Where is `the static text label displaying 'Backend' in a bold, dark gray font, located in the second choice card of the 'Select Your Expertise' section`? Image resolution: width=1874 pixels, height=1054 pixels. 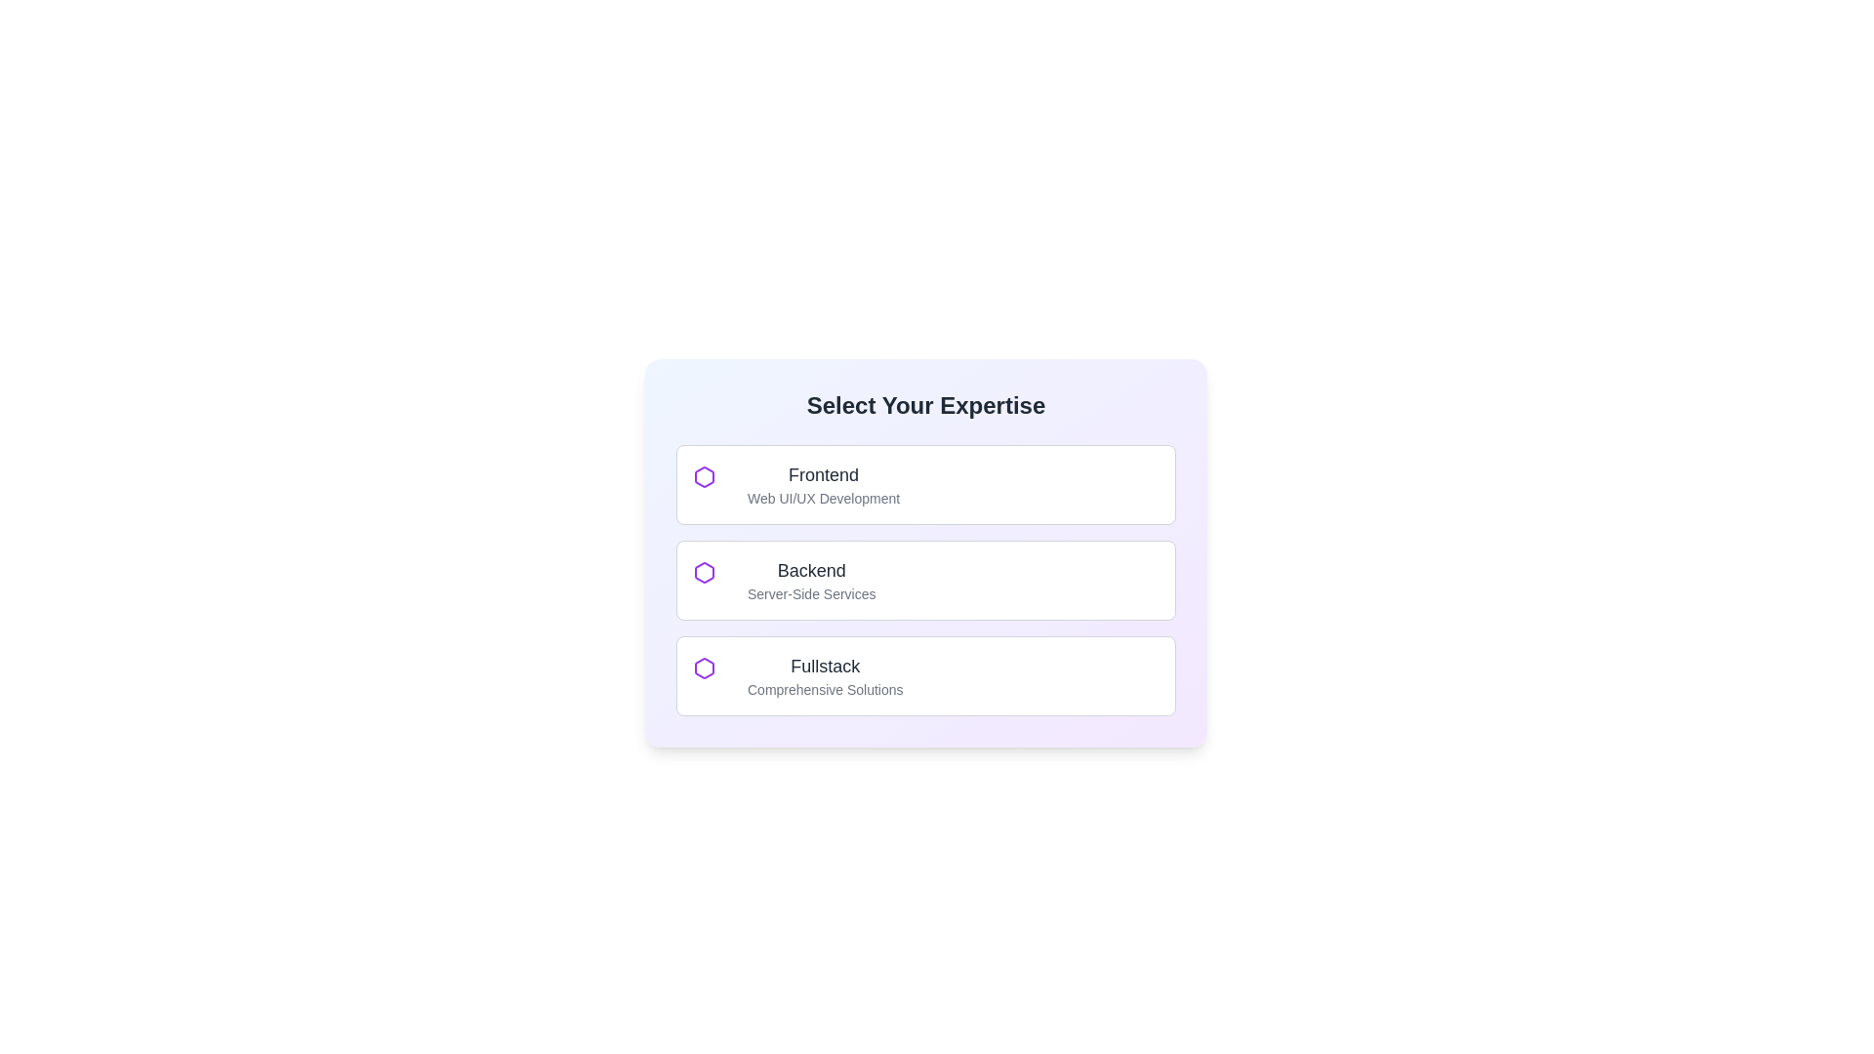
the static text label displaying 'Backend' in a bold, dark gray font, located in the second choice card of the 'Select Your Expertise' section is located at coordinates (811, 571).